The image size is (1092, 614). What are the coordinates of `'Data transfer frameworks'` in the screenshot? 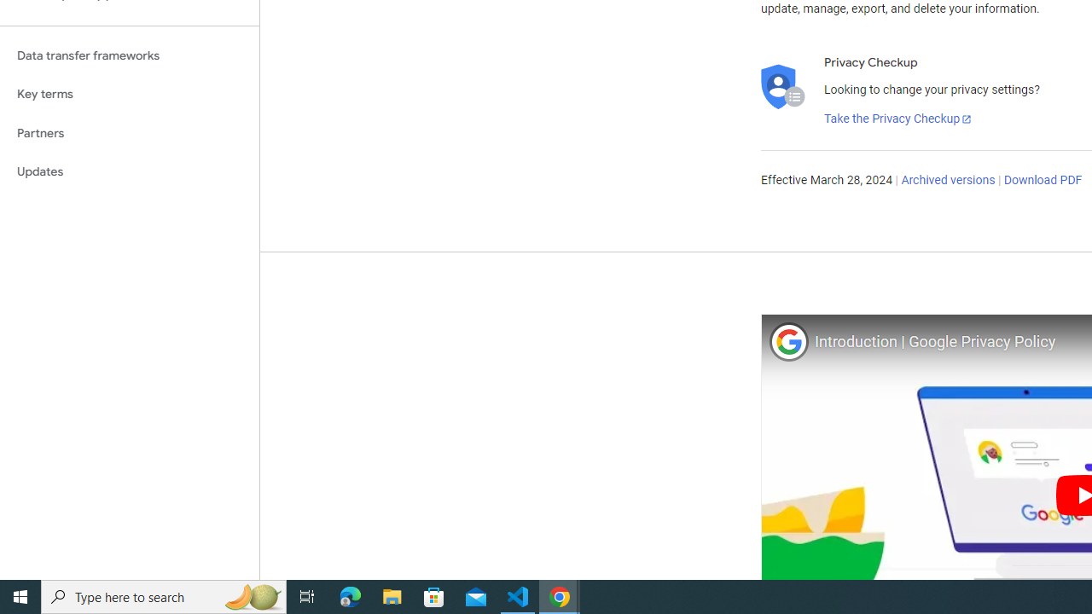 It's located at (129, 55).